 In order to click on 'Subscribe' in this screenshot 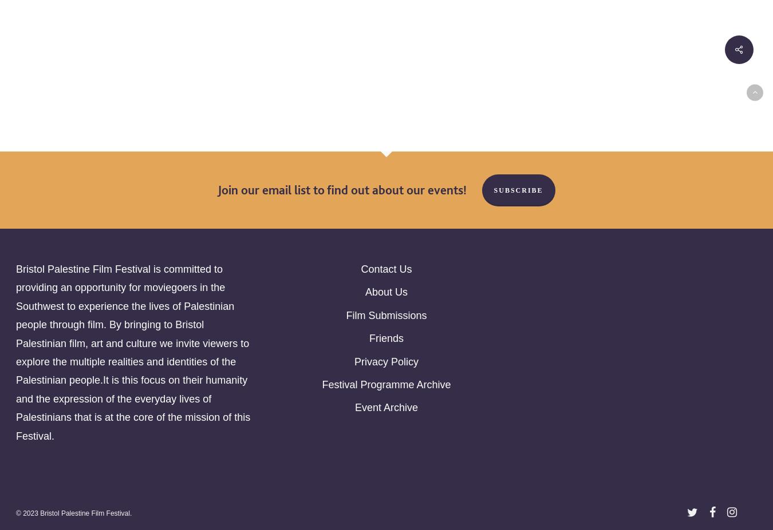, I will do `click(518, 189)`.